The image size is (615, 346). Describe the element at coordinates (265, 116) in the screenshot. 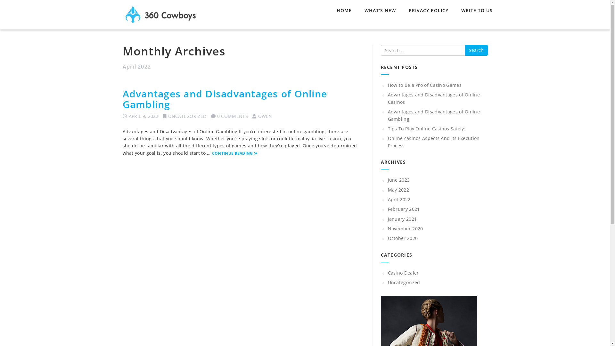

I see `'OWEN'` at that location.